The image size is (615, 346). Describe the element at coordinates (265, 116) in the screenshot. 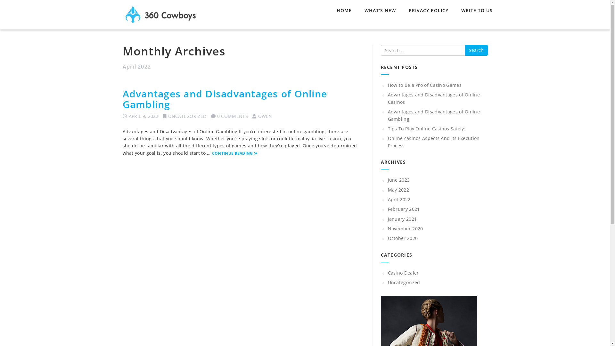

I see `'OWEN'` at that location.